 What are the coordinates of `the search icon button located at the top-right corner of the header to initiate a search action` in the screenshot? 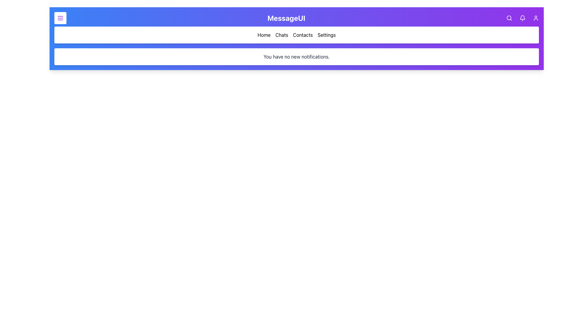 It's located at (509, 18).